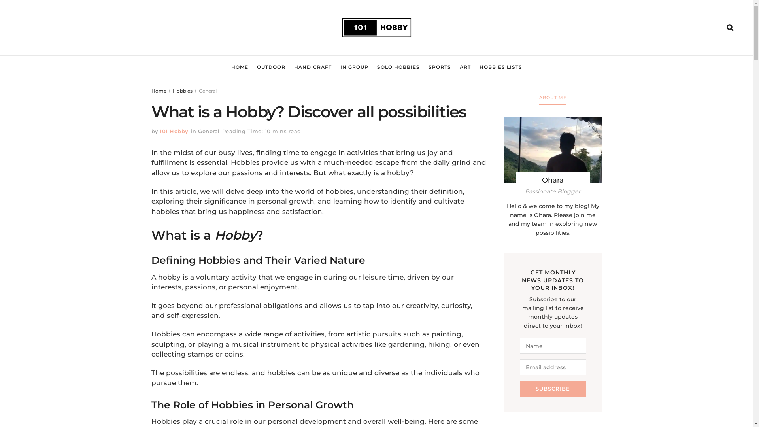 Image resolution: width=759 pixels, height=427 pixels. Describe the element at coordinates (172, 90) in the screenshot. I see `'Hobbies'` at that location.